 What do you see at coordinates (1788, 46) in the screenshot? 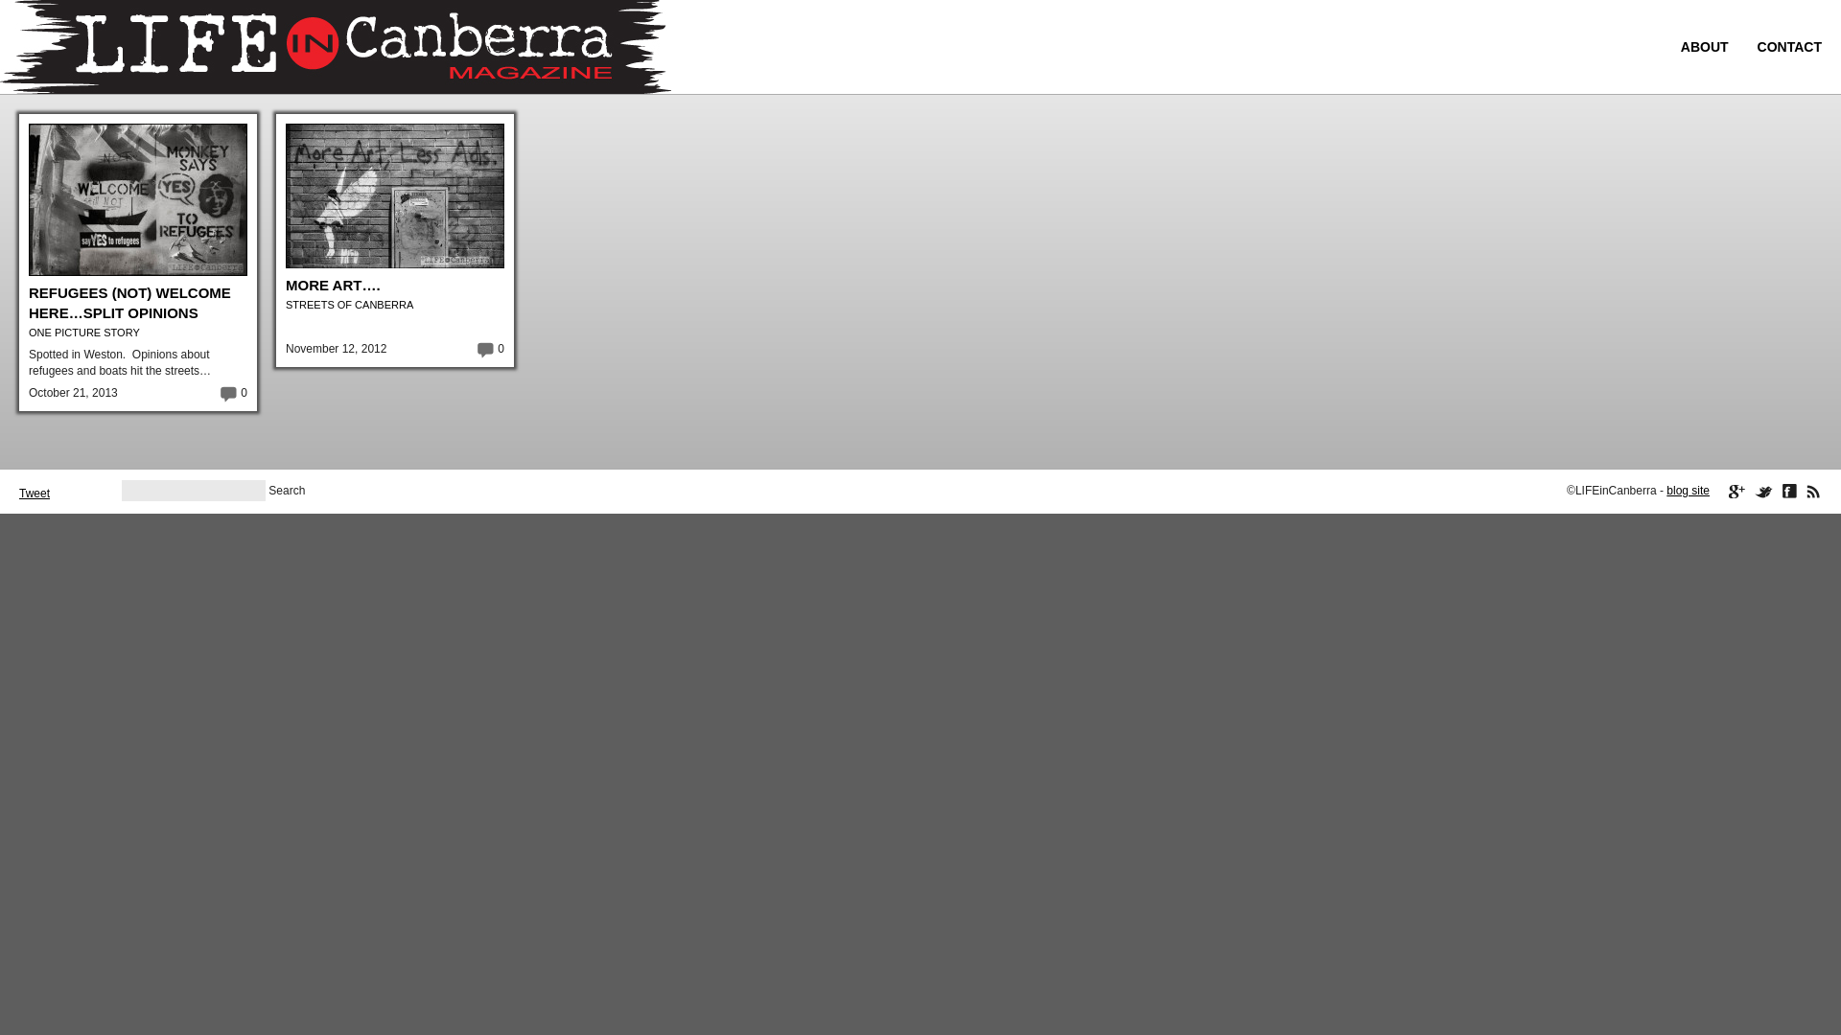
I see `'CONTACT'` at bounding box center [1788, 46].